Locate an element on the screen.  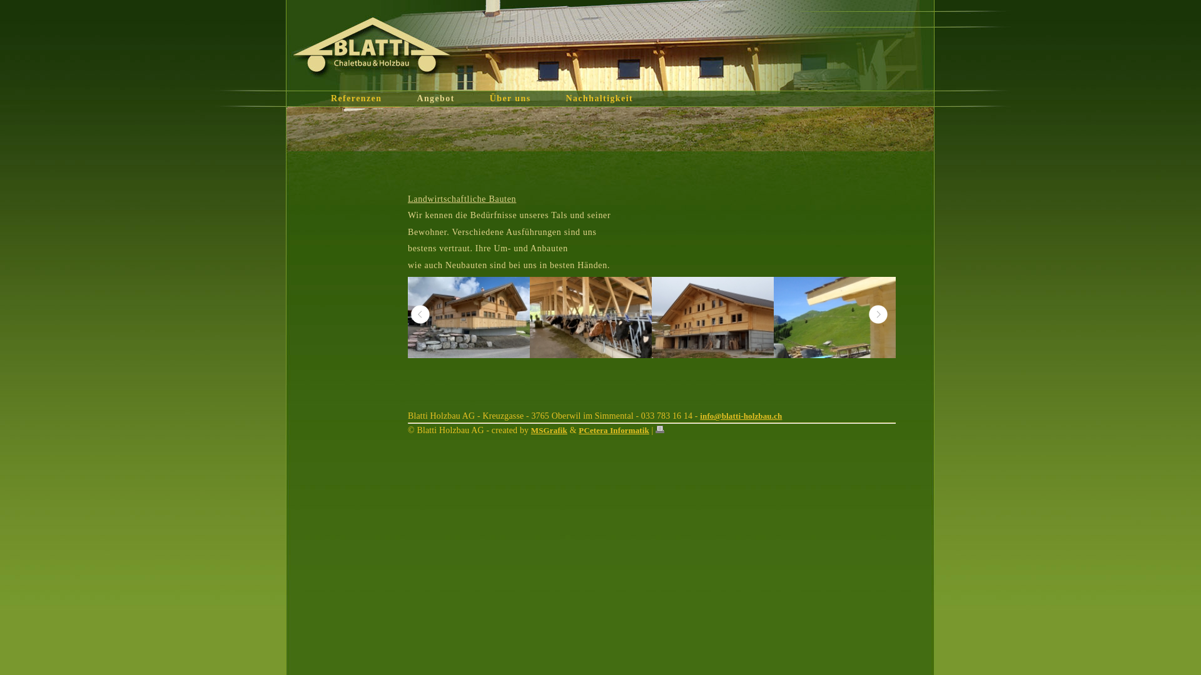
'PCetera Informatik' is located at coordinates (614, 429).